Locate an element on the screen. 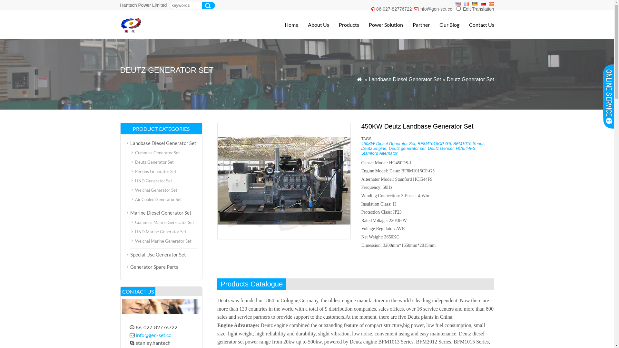 This screenshot has height=348, width=619. 'Landbase Diesel Generator Set' is located at coordinates (163, 142).